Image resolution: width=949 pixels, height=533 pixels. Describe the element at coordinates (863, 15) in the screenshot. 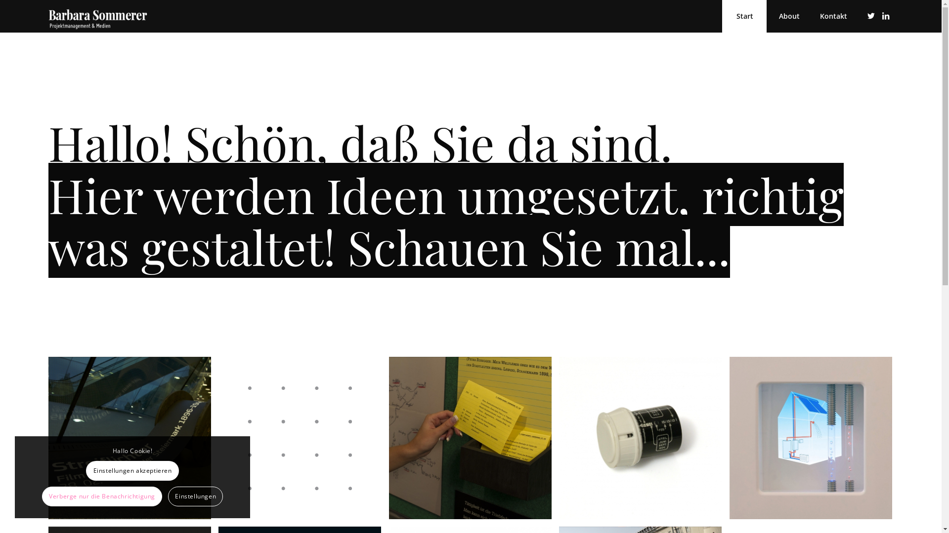

I see `'Twitter'` at that location.